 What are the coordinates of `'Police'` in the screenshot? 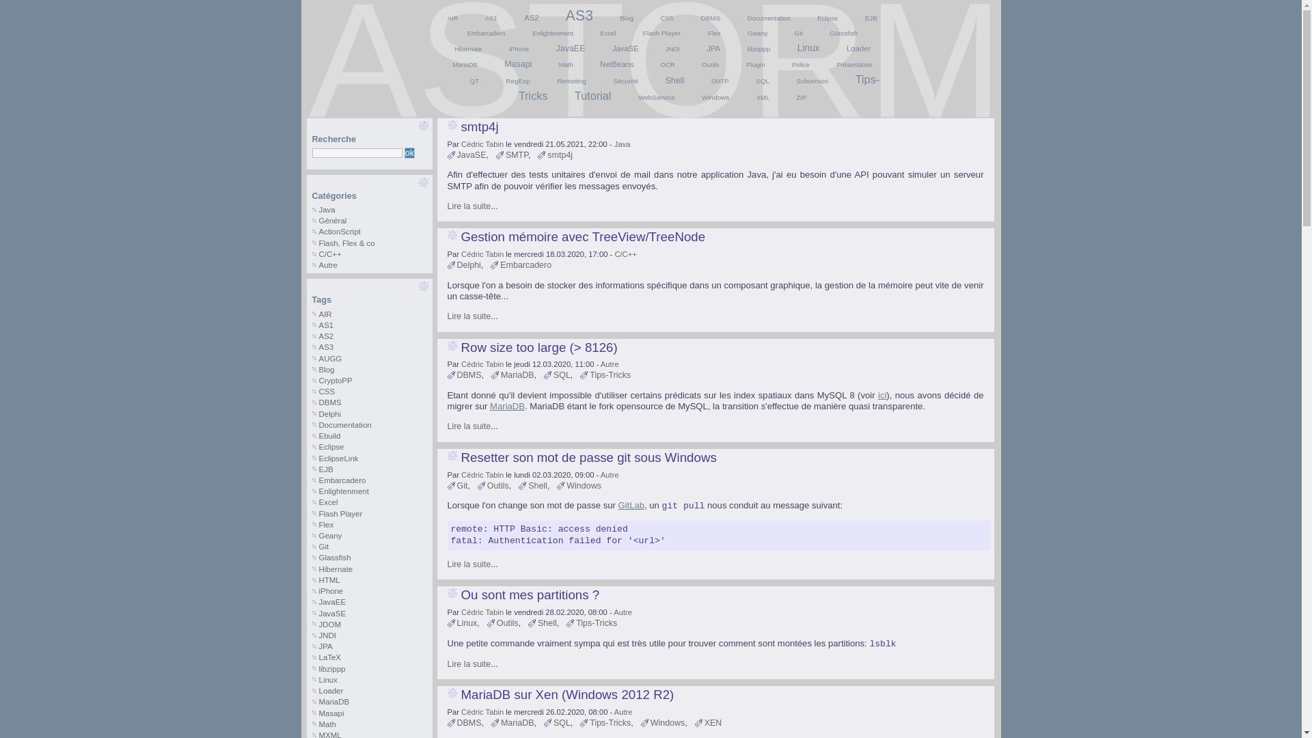 It's located at (800, 65).